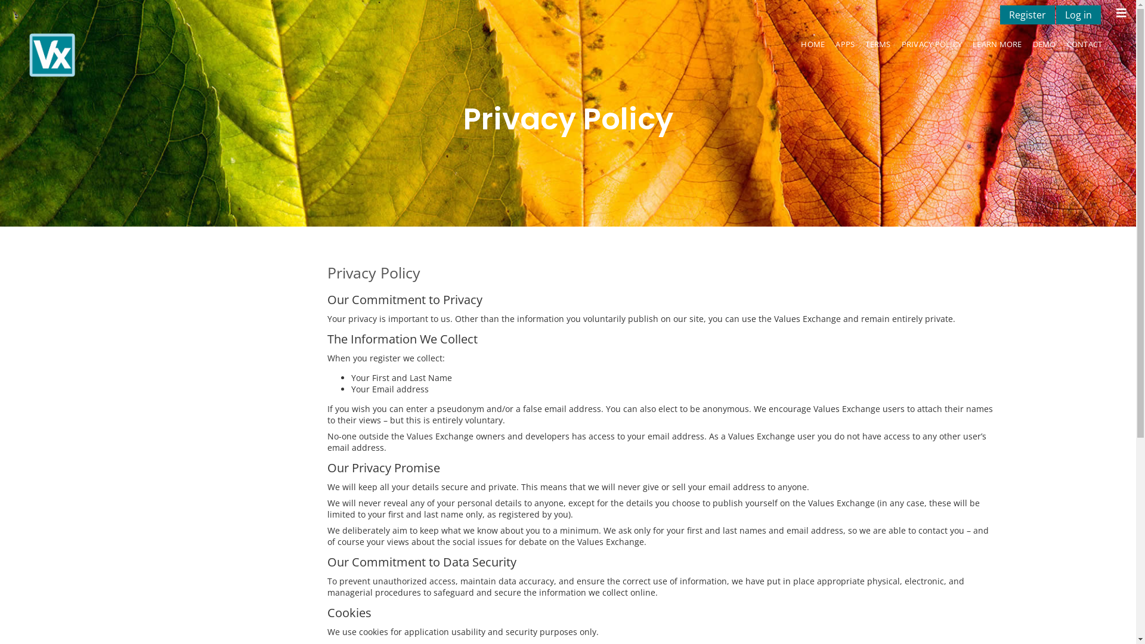  Describe the element at coordinates (878, 43) in the screenshot. I see `'TERMS'` at that location.